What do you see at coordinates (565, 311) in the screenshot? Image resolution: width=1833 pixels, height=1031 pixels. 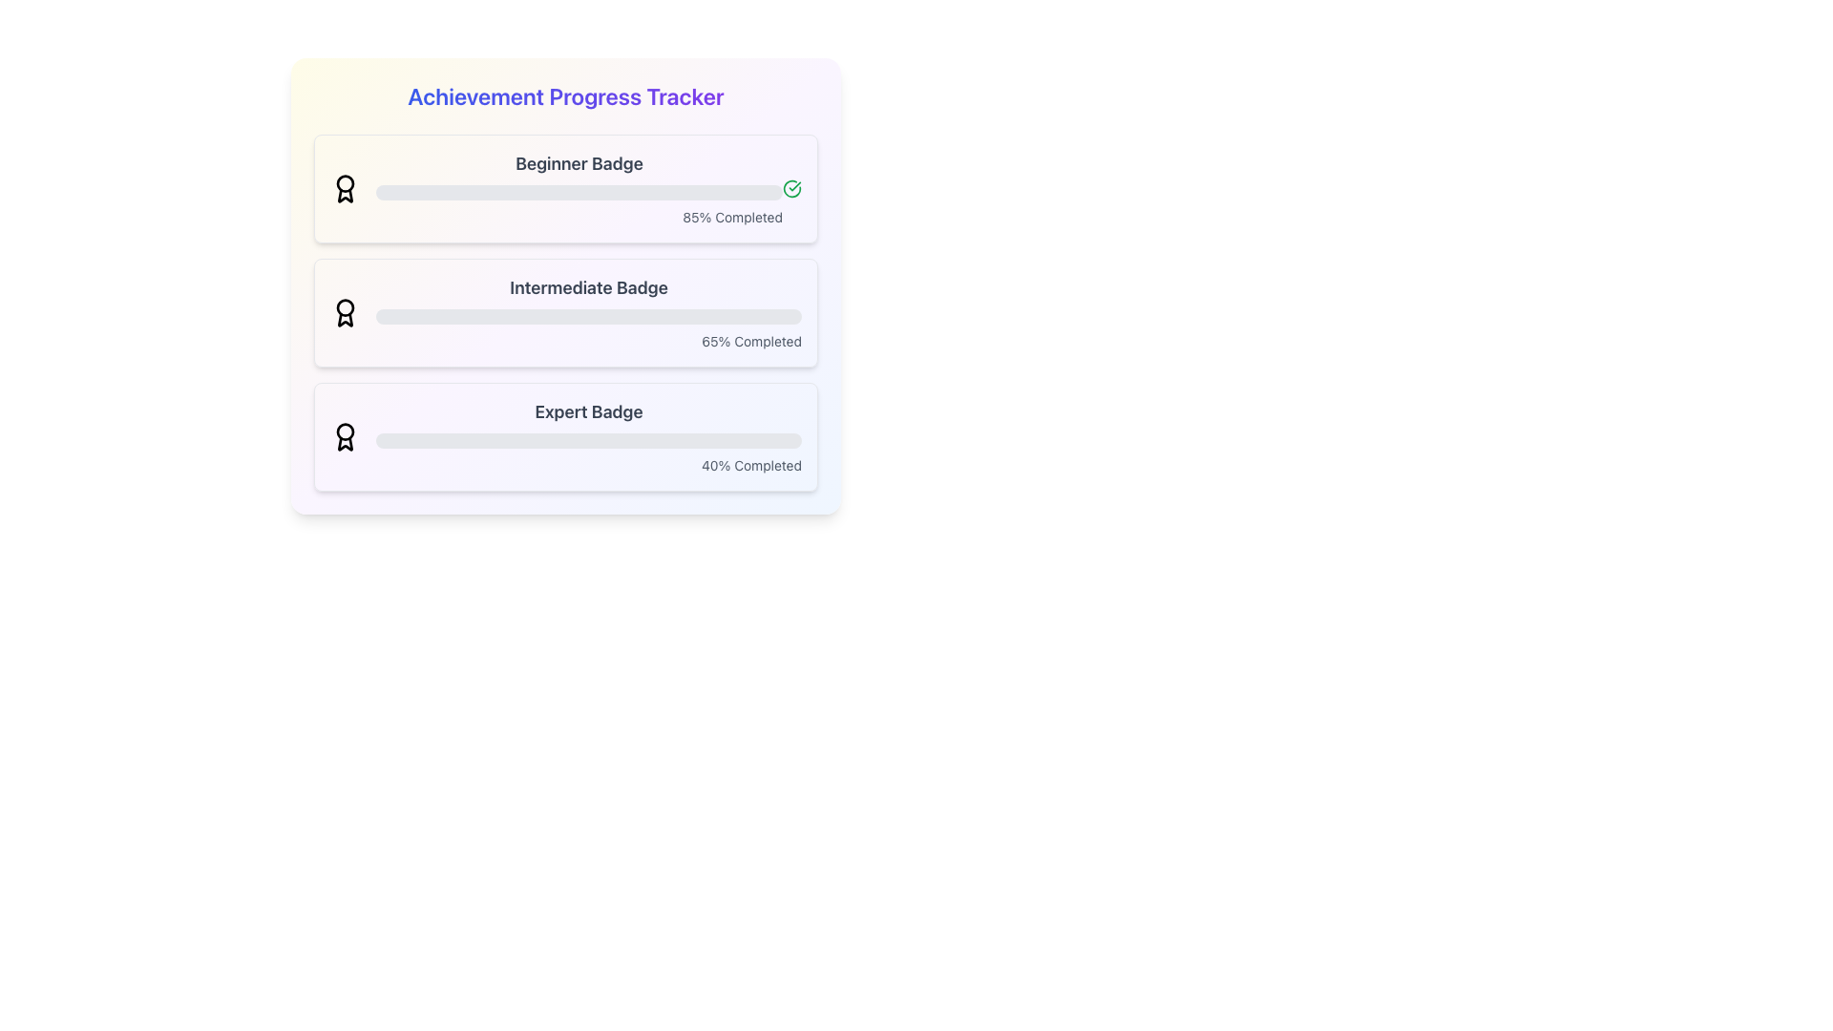 I see `the progress levels in the 'Achievement Progress Tracker' section, which displays badges with their respective progress bars and completion percentages` at bounding box center [565, 311].